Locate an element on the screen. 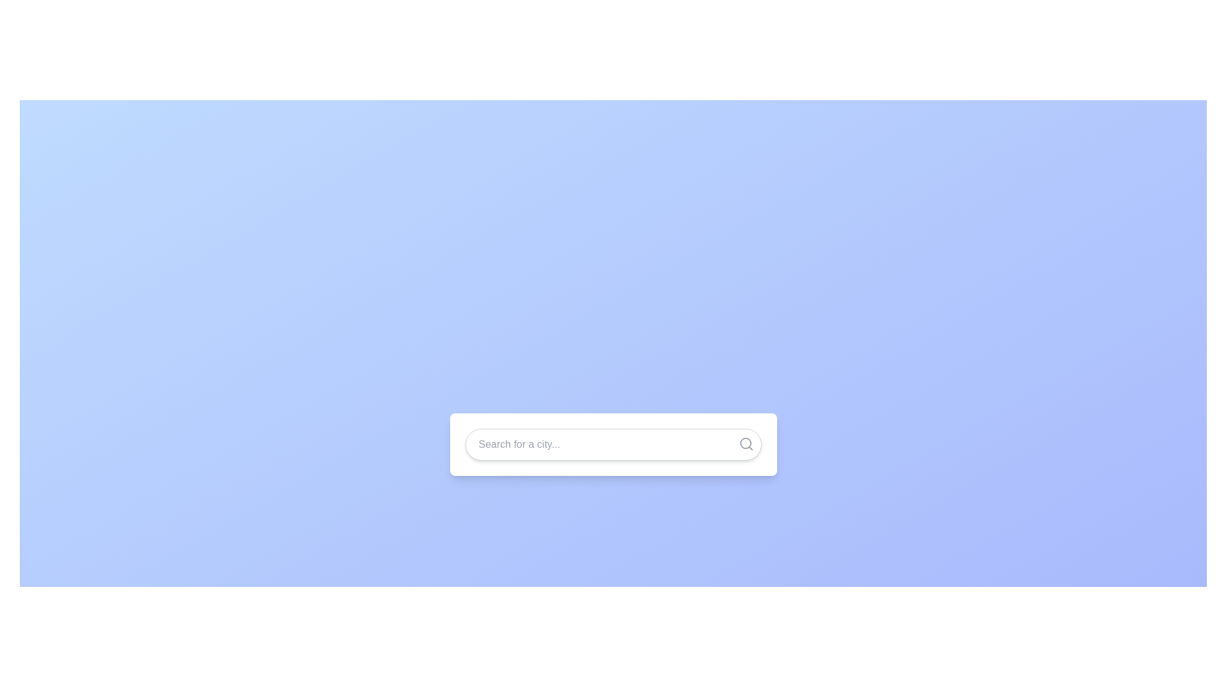  the search icon located at the top-right corner of the input field labeled 'Search for a city...' to initiate a search is located at coordinates (746, 443).